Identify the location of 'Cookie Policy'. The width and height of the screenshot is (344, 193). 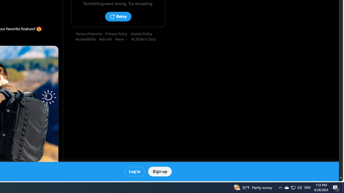
(143, 34).